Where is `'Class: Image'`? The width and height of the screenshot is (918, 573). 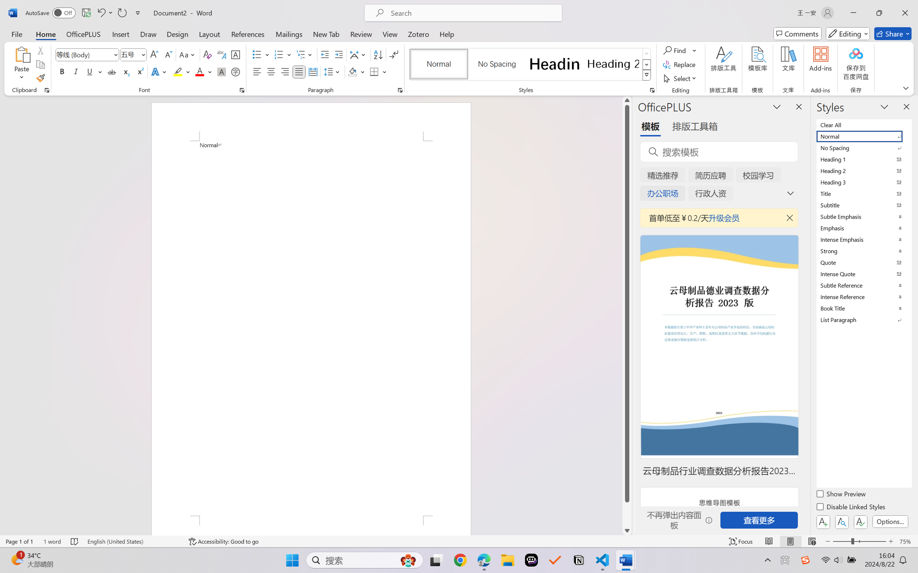 'Class: Image' is located at coordinates (805, 560).